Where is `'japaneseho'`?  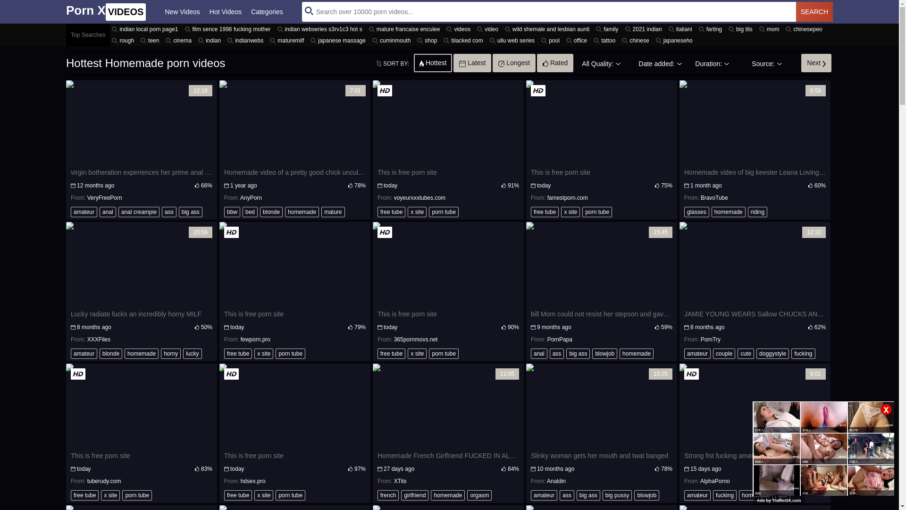 'japaneseho' is located at coordinates (675, 40).